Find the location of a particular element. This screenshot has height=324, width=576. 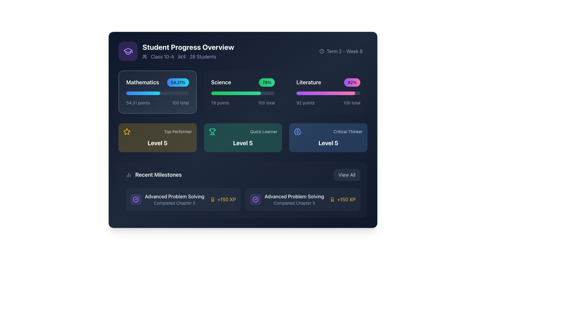

the text label displaying '92 points' in light gray font, located beneath the 'Literature' heading and its progress bar is located at coordinates (305, 103).